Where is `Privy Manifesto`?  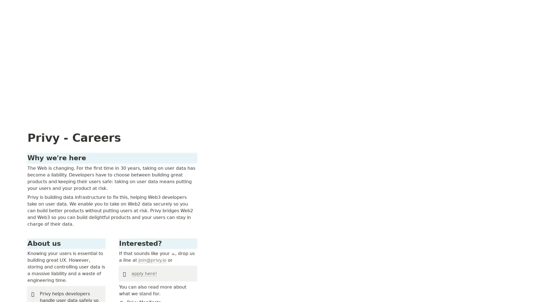
Privy Manifesto is located at coordinates (393, 256).